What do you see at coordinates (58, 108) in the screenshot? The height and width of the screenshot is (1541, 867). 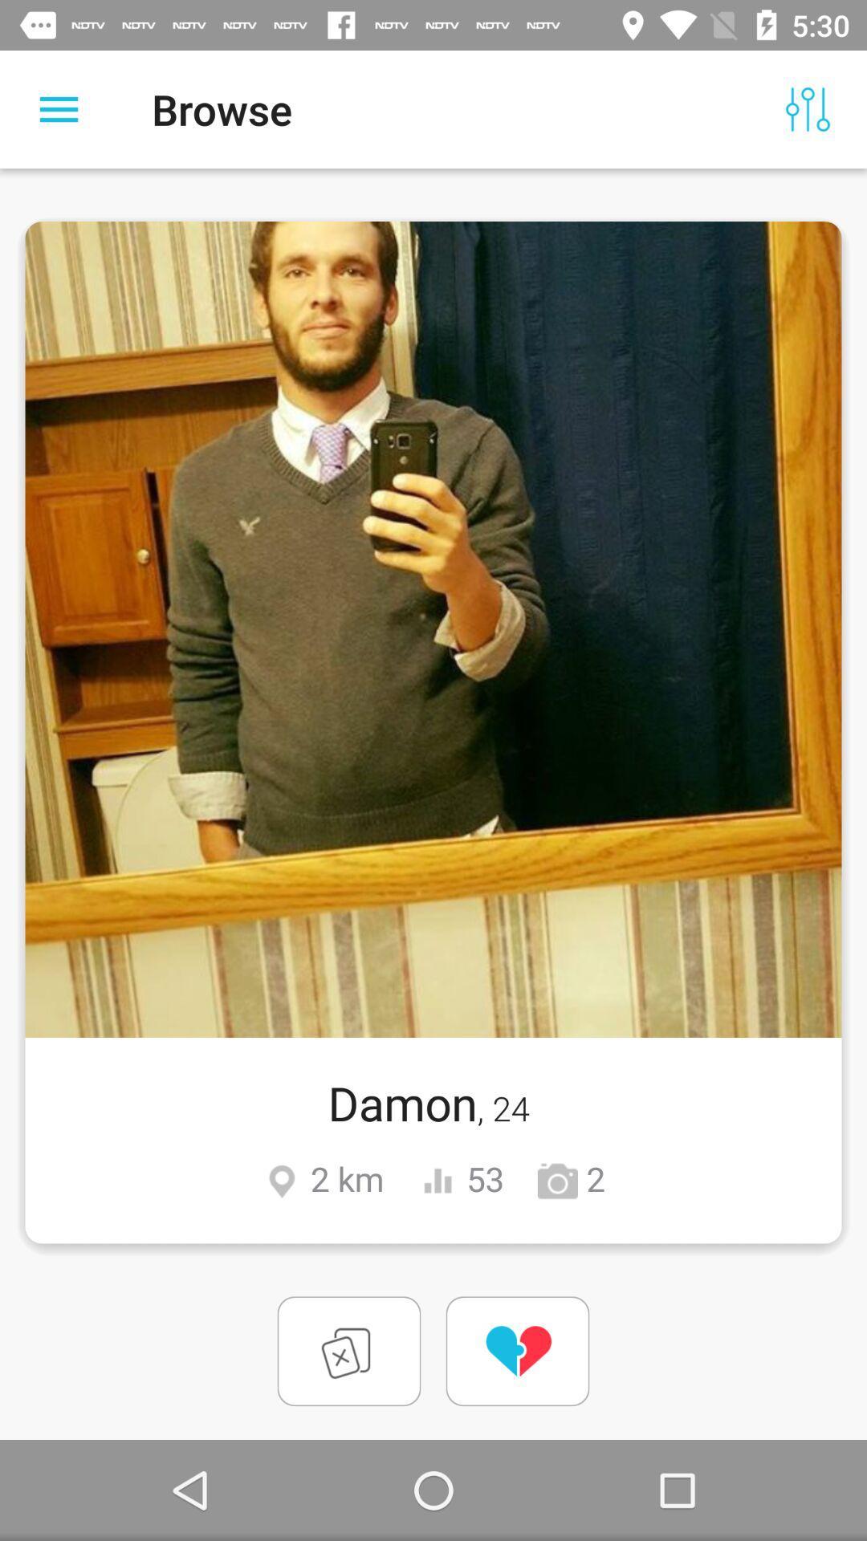 I see `menu` at bounding box center [58, 108].